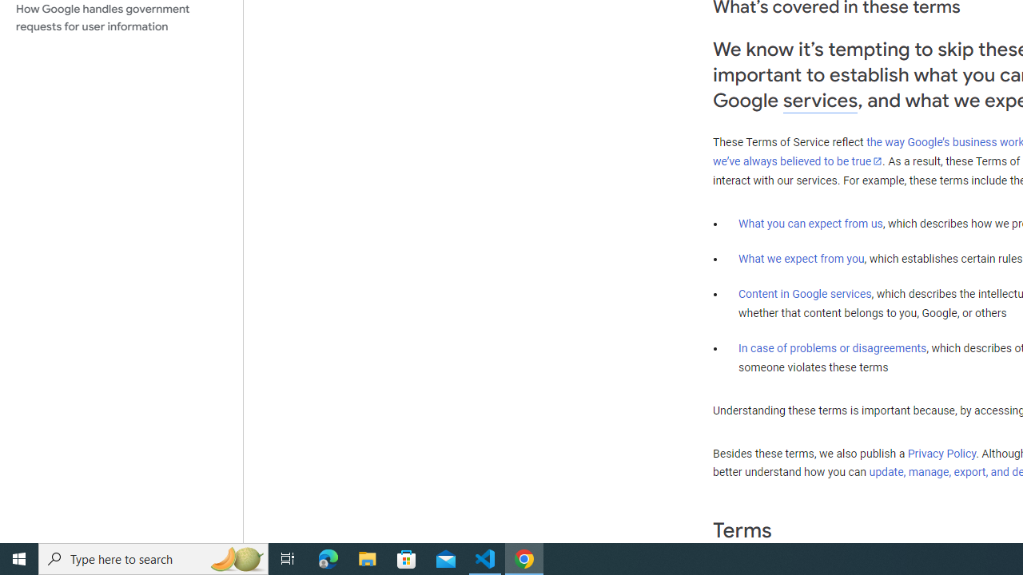 The width and height of the screenshot is (1023, 575). What do you see at coordinates (820, 100) in the screenshot?
I see `'services'` at bounding box center [820, 100].